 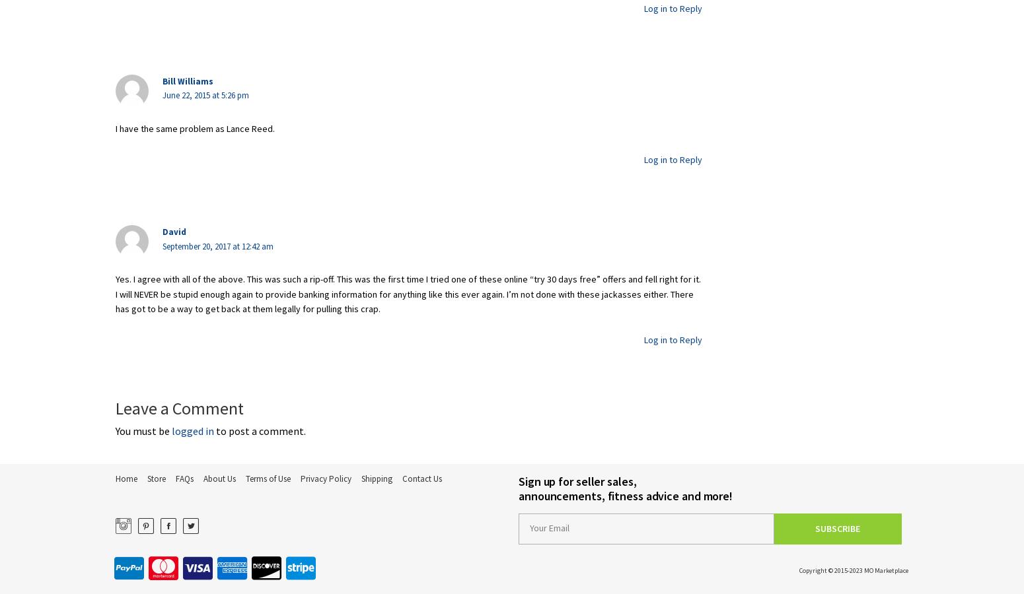 What do you see at coordinates (799, 570) in the screenshot?
I see `'Copyright © 2015-2023 MO Marketplace'` at bounding box center [799, 570].